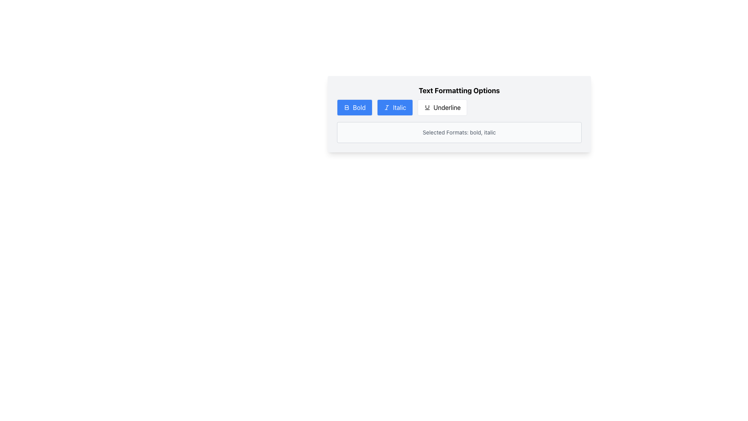  What do you see at coordinates (459, 132) in the screenshot?
I see `the Text Display element that shows the currently selected text formatting options 'bold' and 'italic', located below the buttons labeled 'Bold', 'Italic', and 'Underline'` at bounding box center [459, 132].